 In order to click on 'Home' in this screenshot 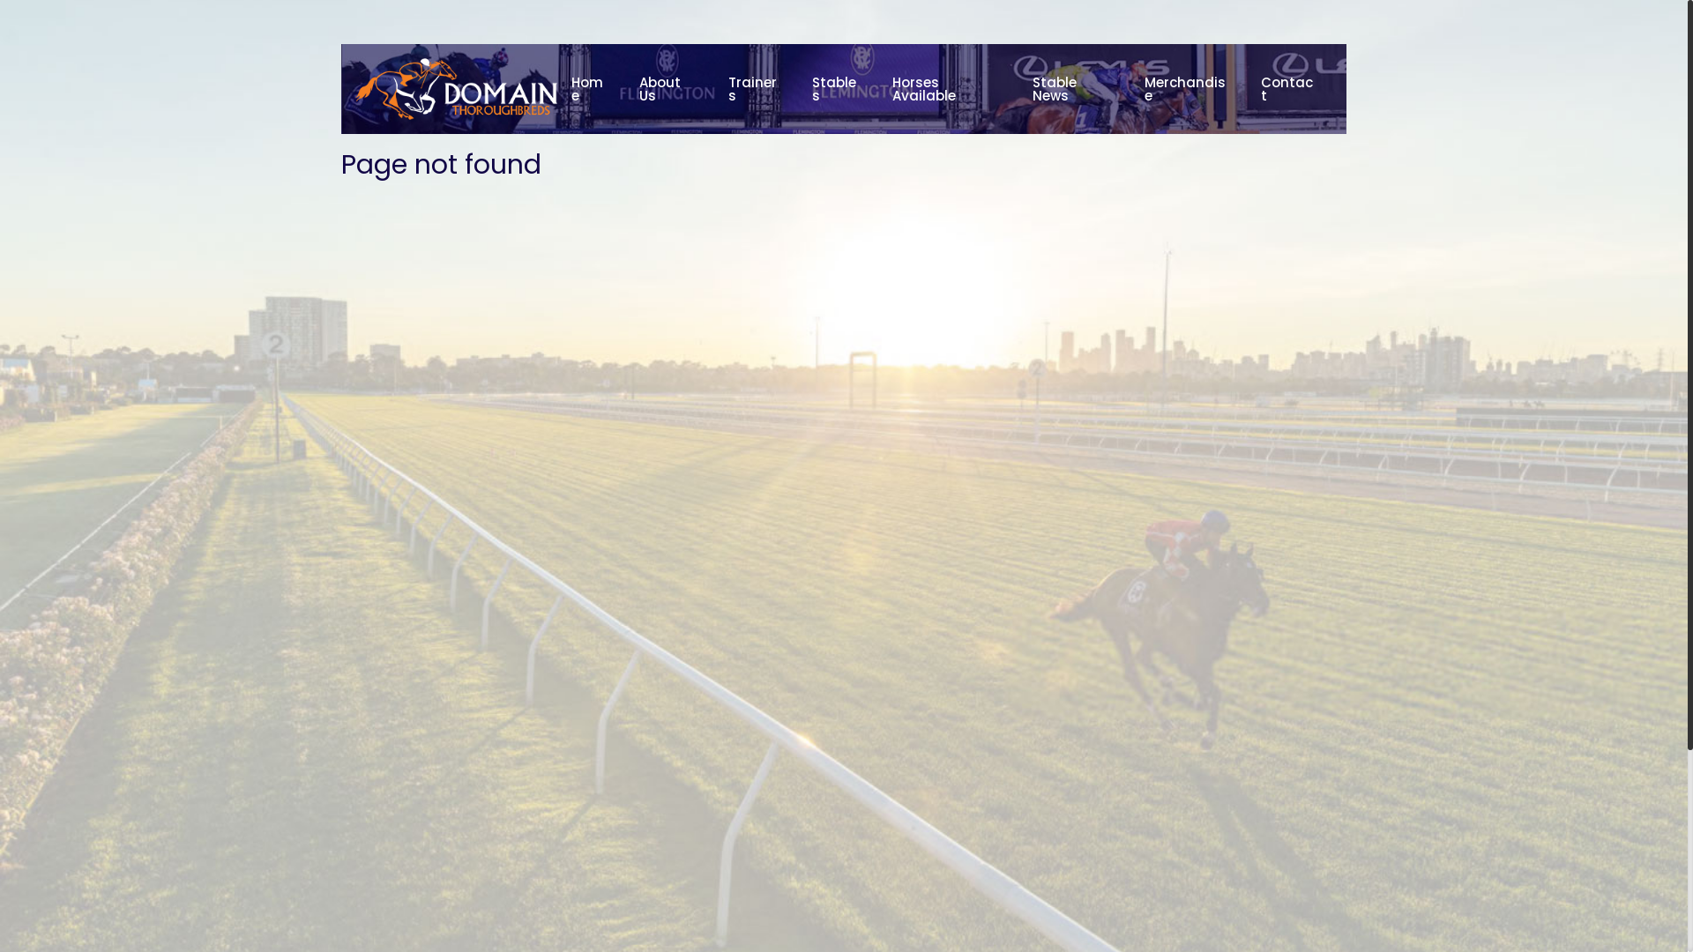, I will do `click(591, 88)`.